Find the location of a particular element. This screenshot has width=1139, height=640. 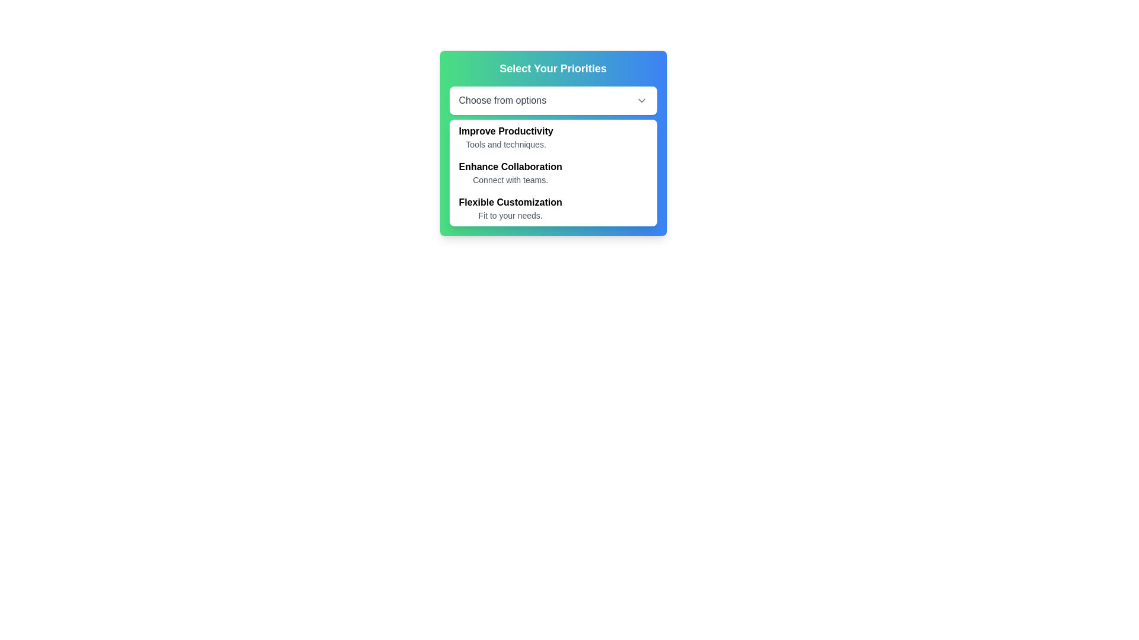

the text label that reads 'Connect with teams.' positioned below the header 'Enhance Collaboration' in a dropdown list is located at coordinates (510, 180).